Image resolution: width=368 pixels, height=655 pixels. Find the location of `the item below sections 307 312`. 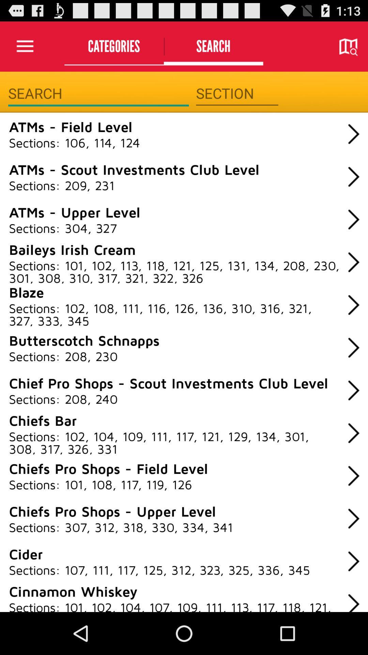

the item below sections 307 312 is located at coordinates (25, 554).